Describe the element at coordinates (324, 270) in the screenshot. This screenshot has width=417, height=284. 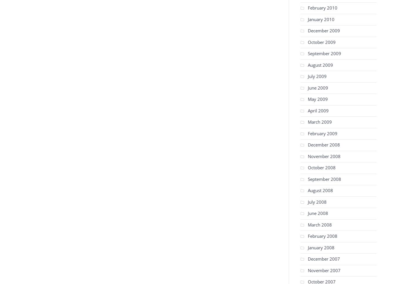
I see `'November 2007'` at that location.